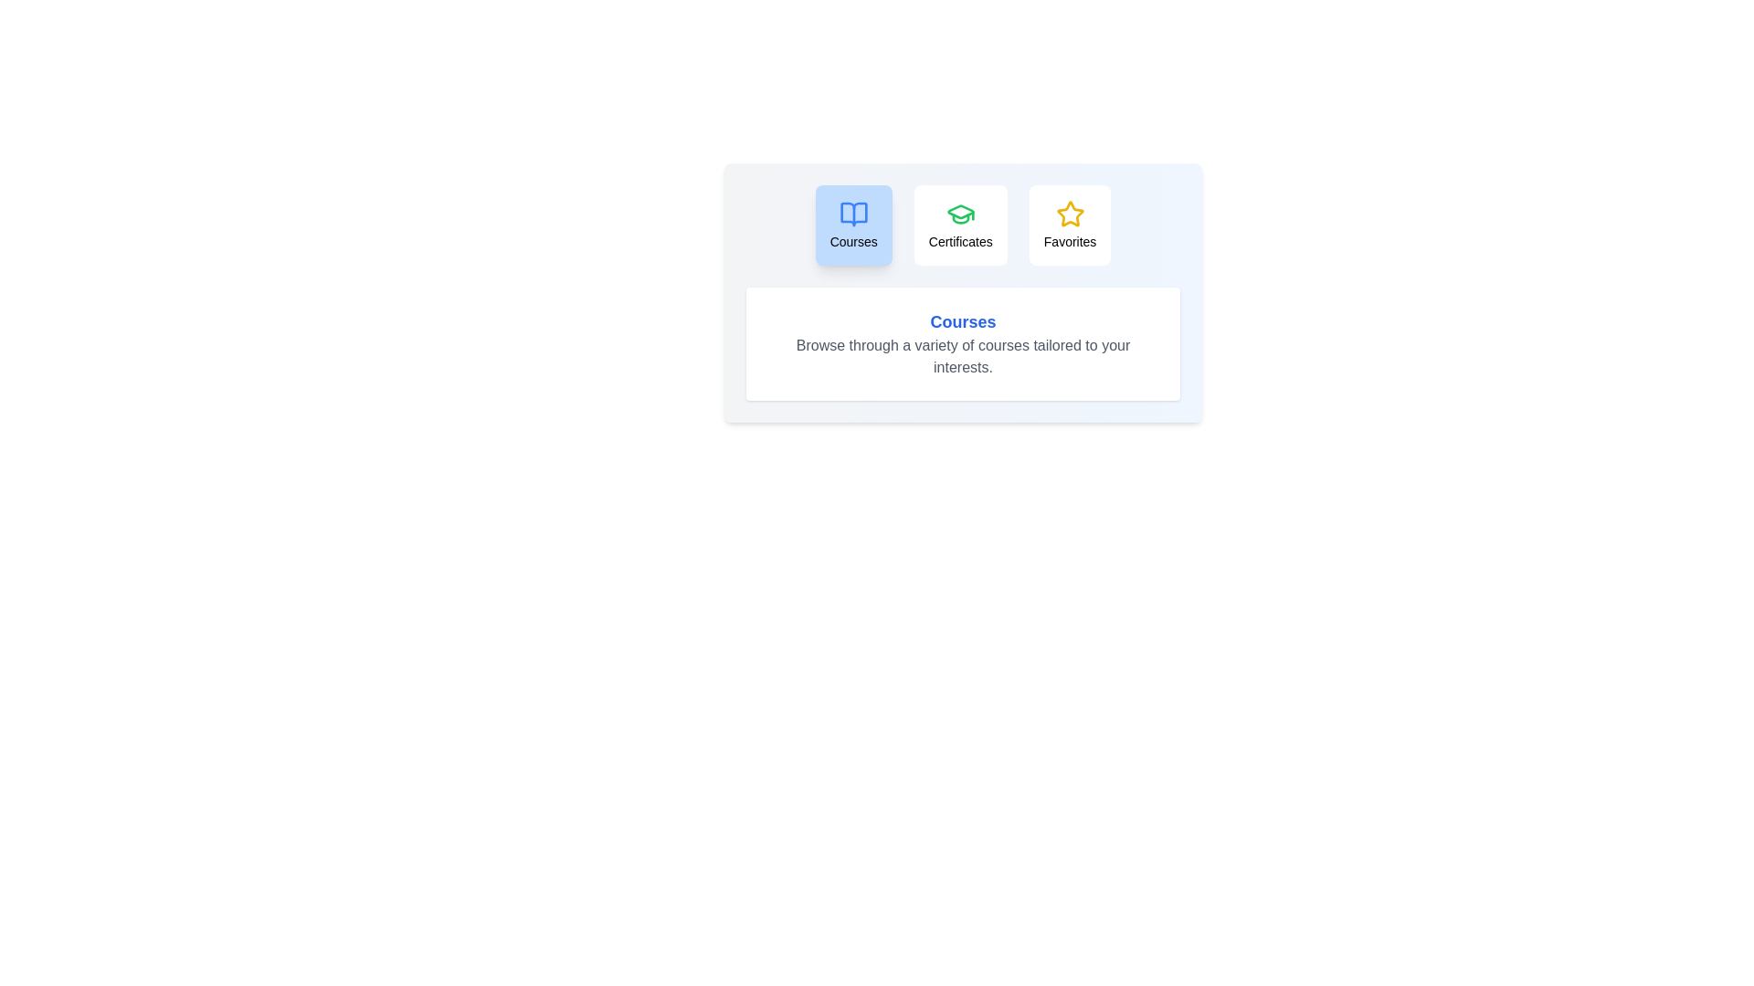 The height and width of the screenshot is (986, 1754). What do you see at coordinates (959, 224) in the screenshot?
I see `the tab labeled Certificates` at bounding box center [959, 224].